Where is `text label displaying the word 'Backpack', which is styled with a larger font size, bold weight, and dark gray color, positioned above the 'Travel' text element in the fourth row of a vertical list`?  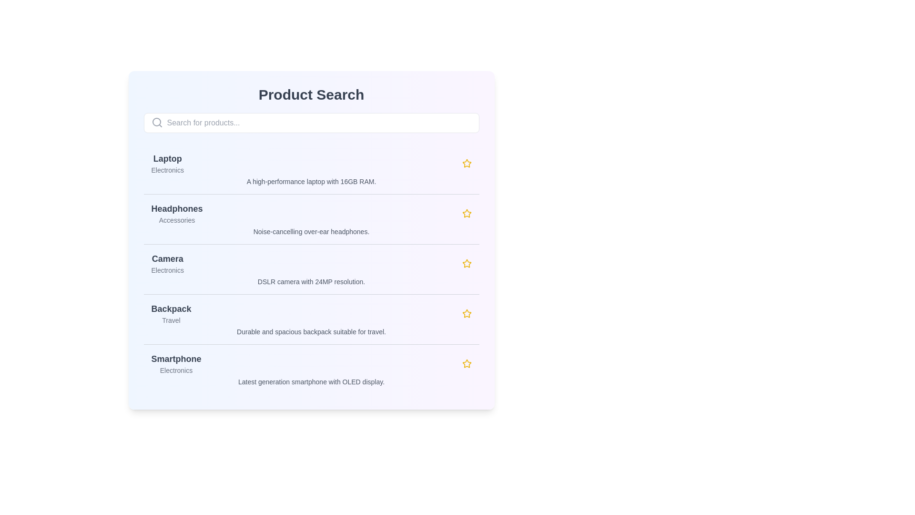
text label displaying the word 'Backpack', which is styled with a larger font size, bold weight, and dark gray color, positioned above the 'Travel' text element in the fourth row of a vertical list is located at coordinates (171, 309).